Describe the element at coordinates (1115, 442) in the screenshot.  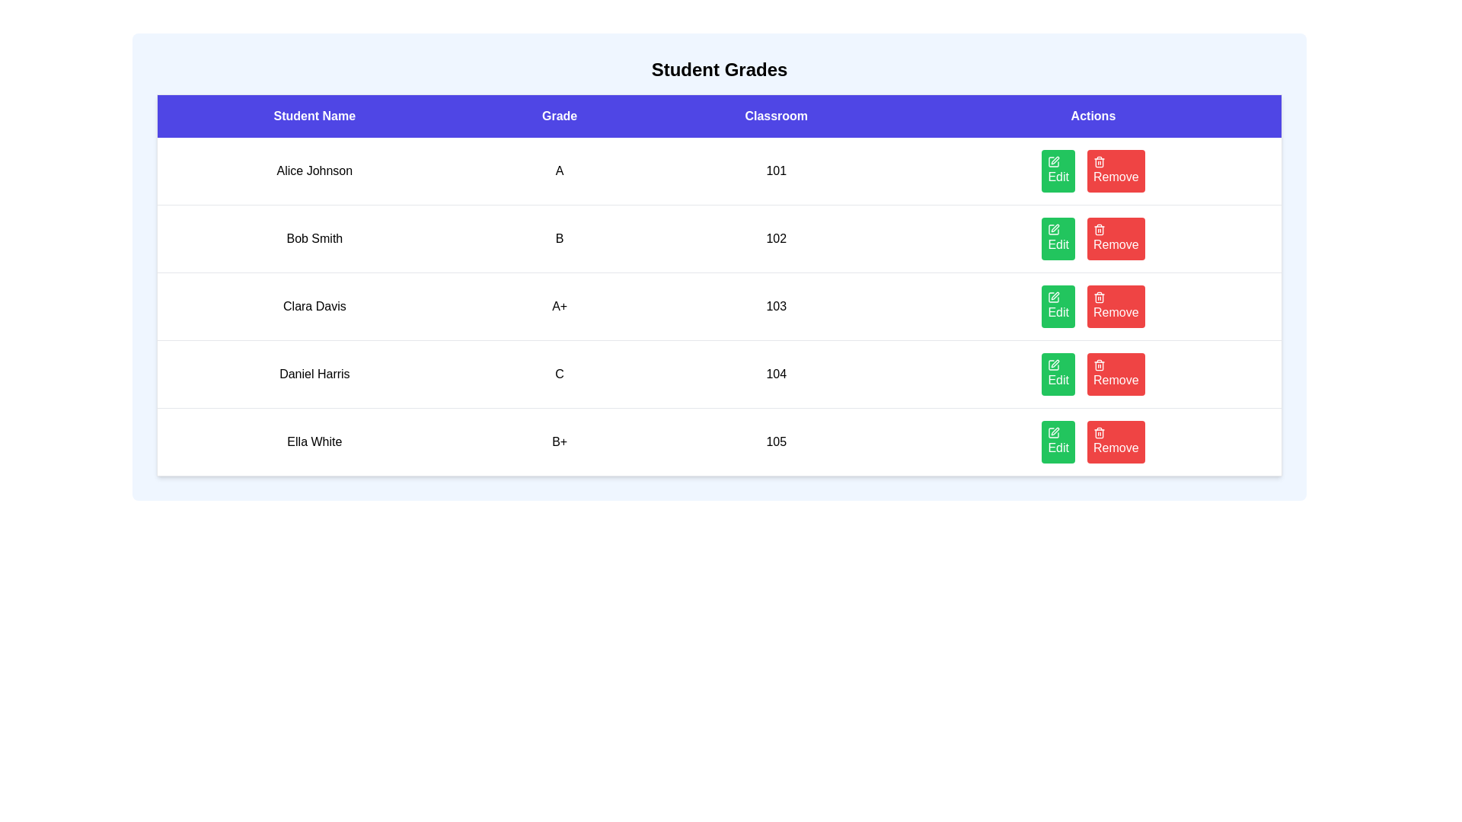
I see `the Remove button for the student named Ella White` at that location.